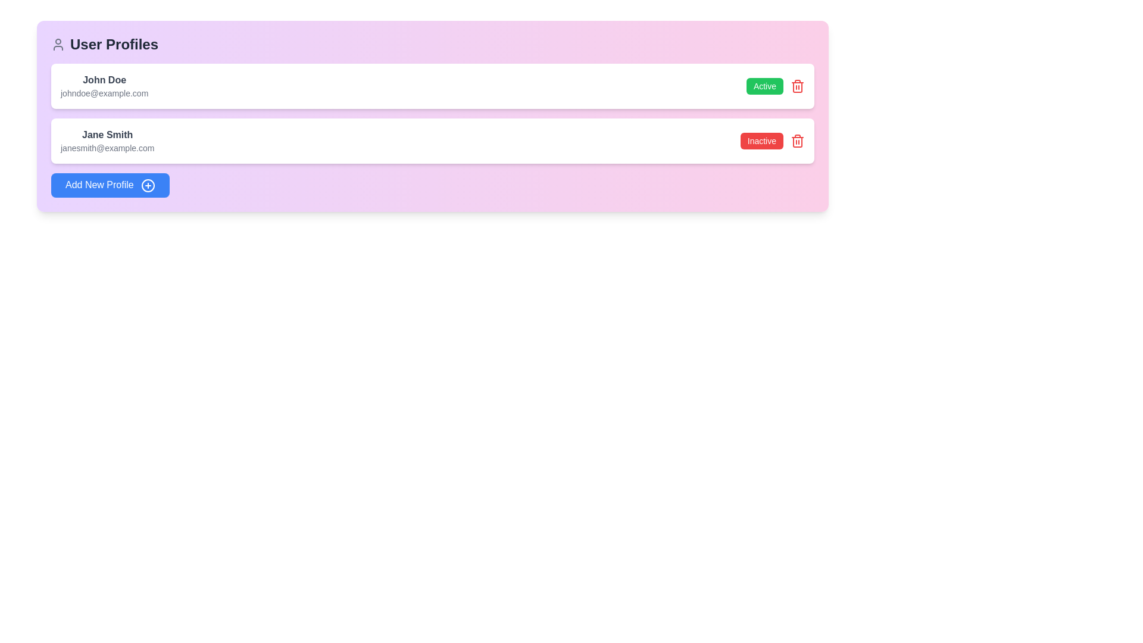 This screenshot has height=643, width=1143. Describe the element at coordinates (764, 86) in the screenshot. I see `the status indicator button located in the top-right section of the first user profile entry within the 'User Profiles' panel for interaction` at that location.